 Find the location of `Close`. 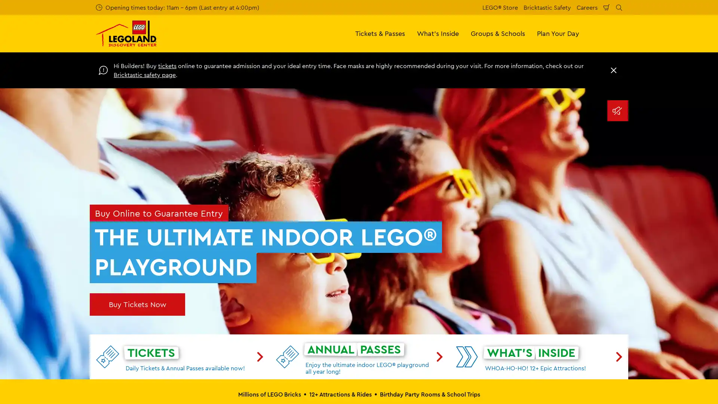

Close is located at coordinates (614, 70).